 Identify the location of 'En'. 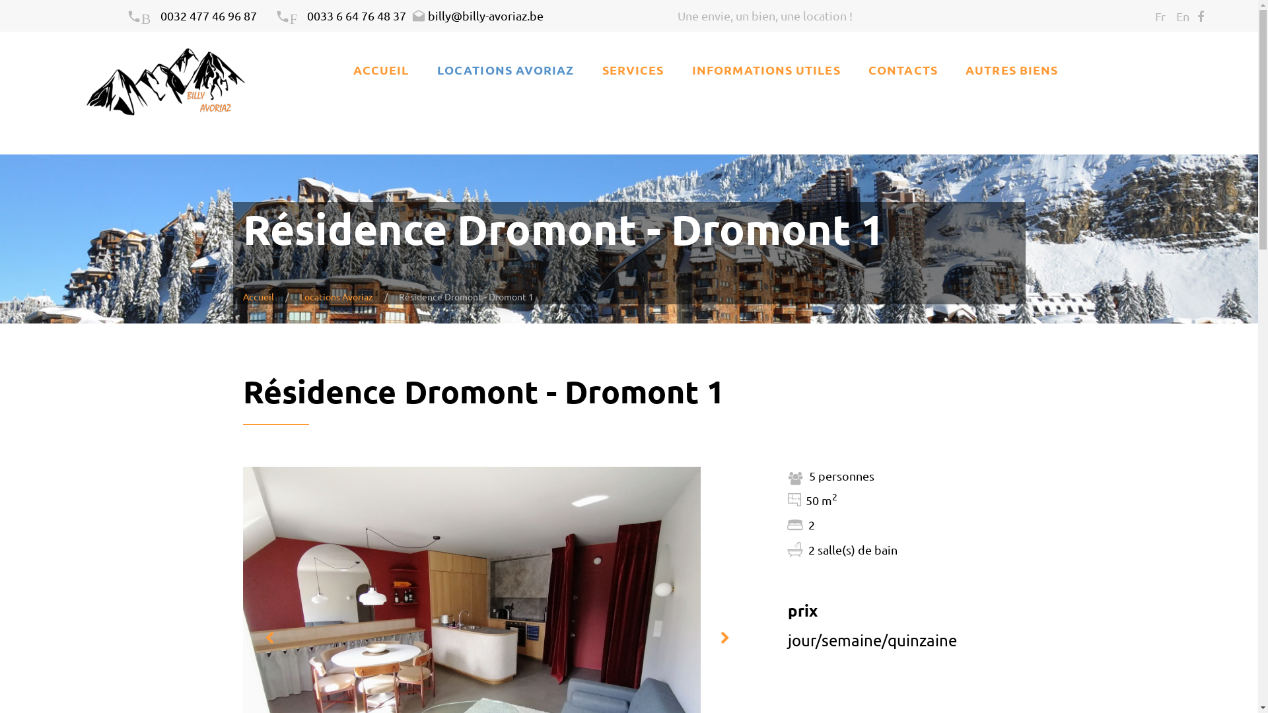
(1182, 16).